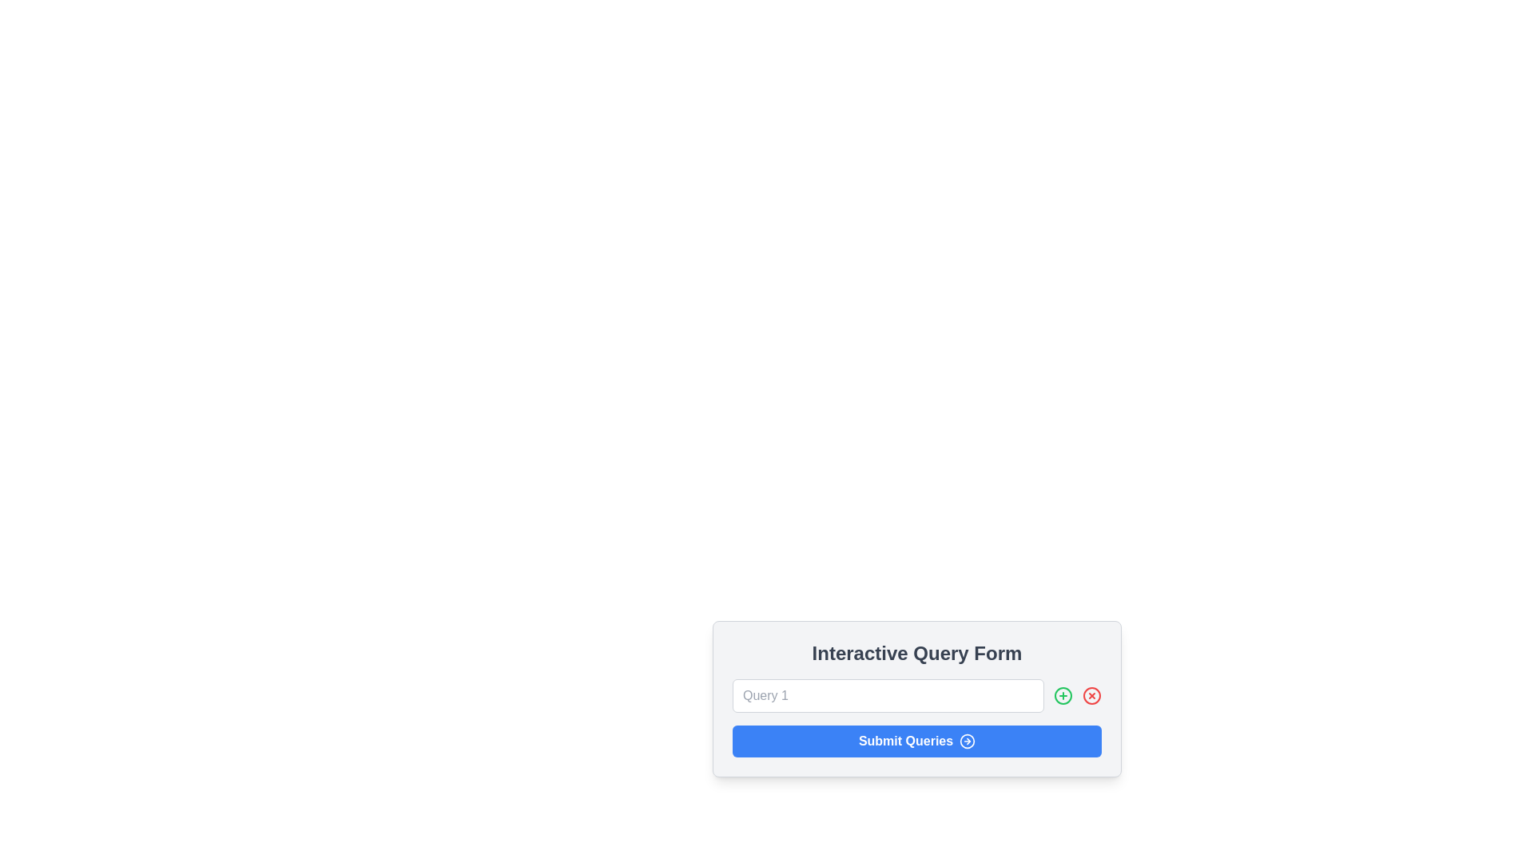  What do you see at coordinates (967, 741) in the screenshot?
I see `the visual indicator icon located on the right side of the 'Submit Queries' button, which emphasizes the action of submission` at bounding box center [967, 741].